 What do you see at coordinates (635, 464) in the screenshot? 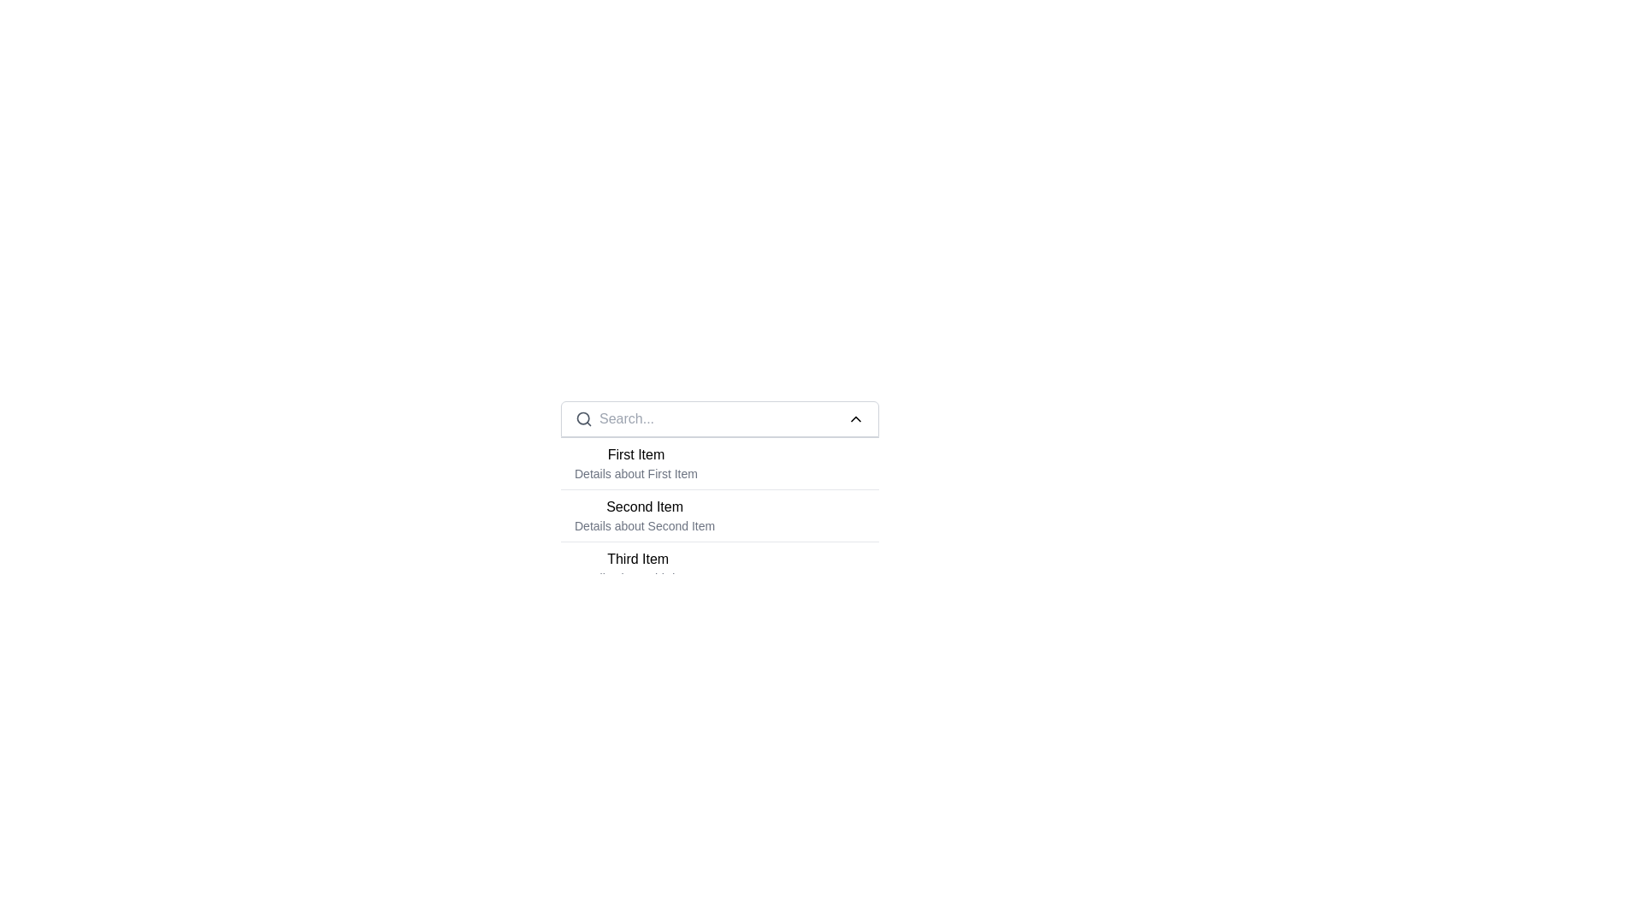
I see `on the first list item displaying 'First Item' and 'Details about First Item'` at bounding box center [635, 464].